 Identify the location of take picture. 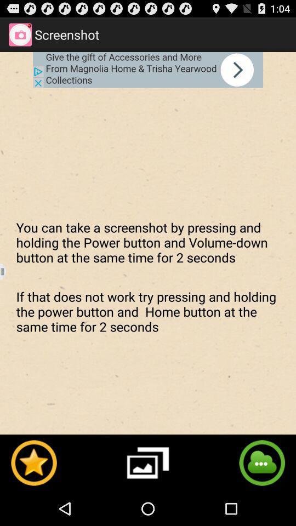
(148, 462).